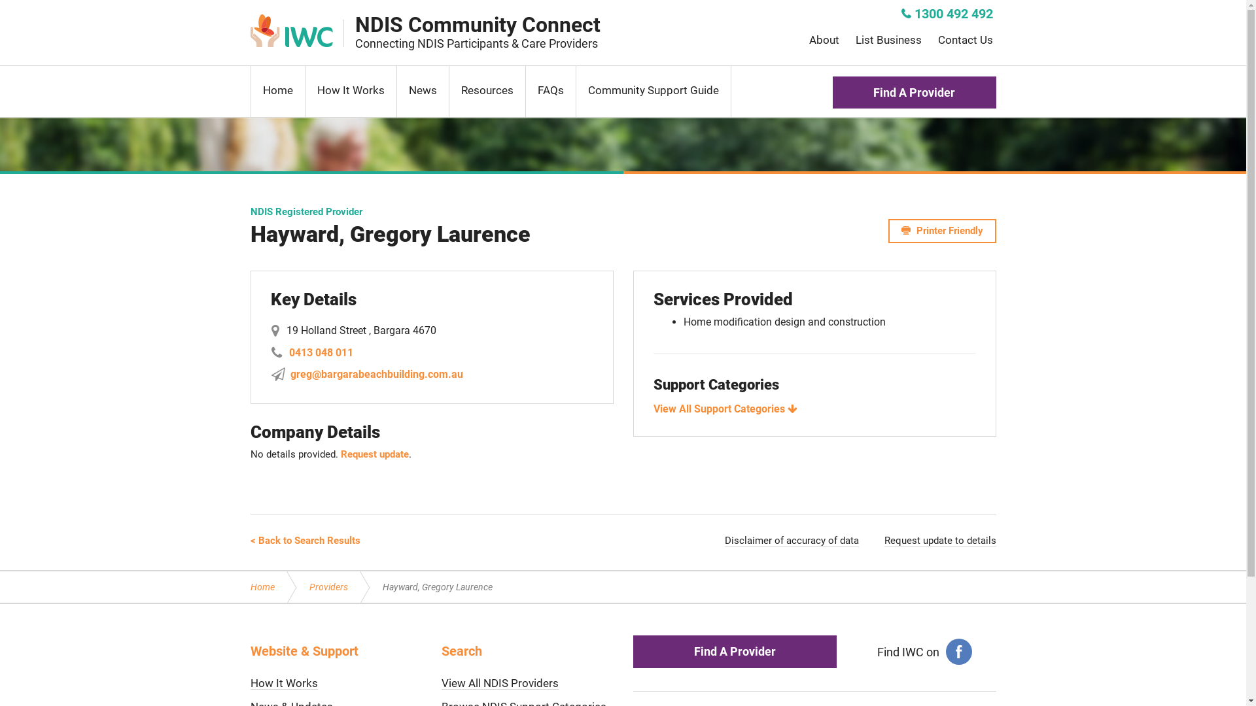 The width and height of the screenshot is (1256, 706). I want to click on '0413 048 011', so click(288, 352).